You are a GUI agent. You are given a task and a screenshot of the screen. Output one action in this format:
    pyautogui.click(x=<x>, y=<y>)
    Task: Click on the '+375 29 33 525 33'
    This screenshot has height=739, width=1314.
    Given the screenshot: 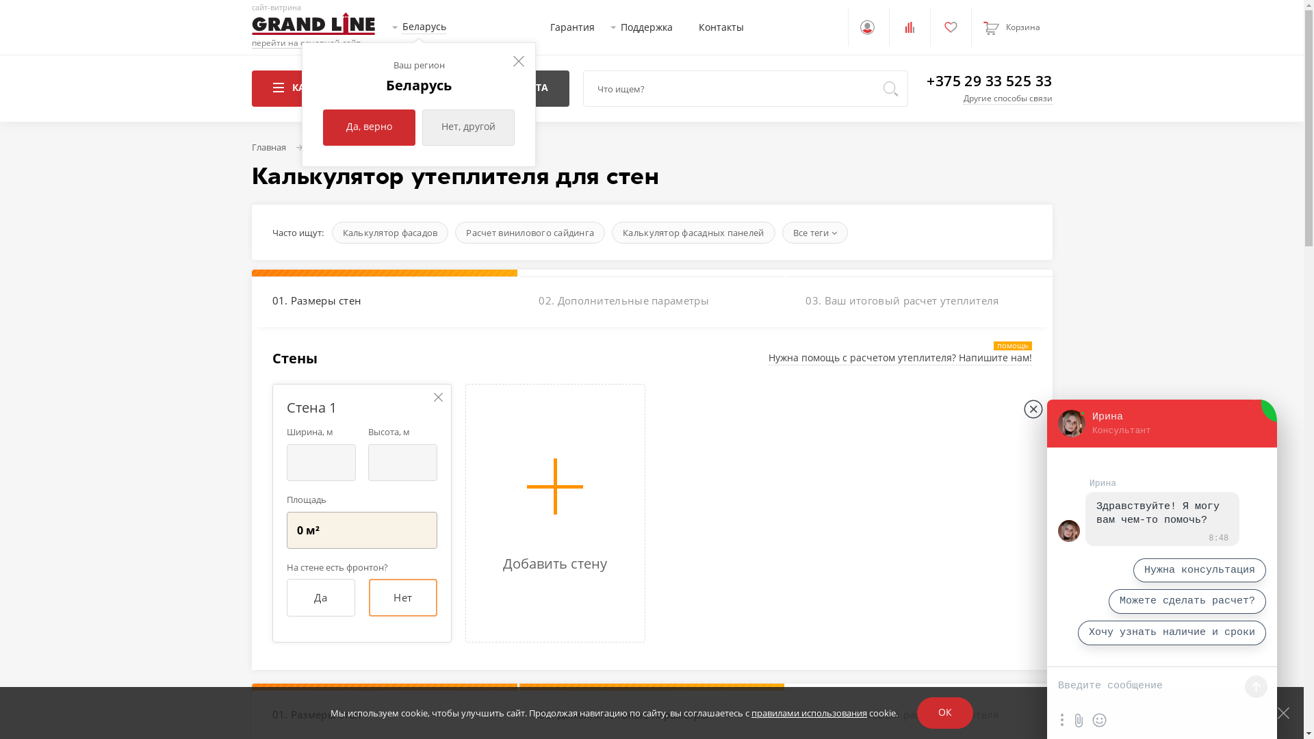 What is the action you would take?
    pyautogui.click(x=989, y=81)
    